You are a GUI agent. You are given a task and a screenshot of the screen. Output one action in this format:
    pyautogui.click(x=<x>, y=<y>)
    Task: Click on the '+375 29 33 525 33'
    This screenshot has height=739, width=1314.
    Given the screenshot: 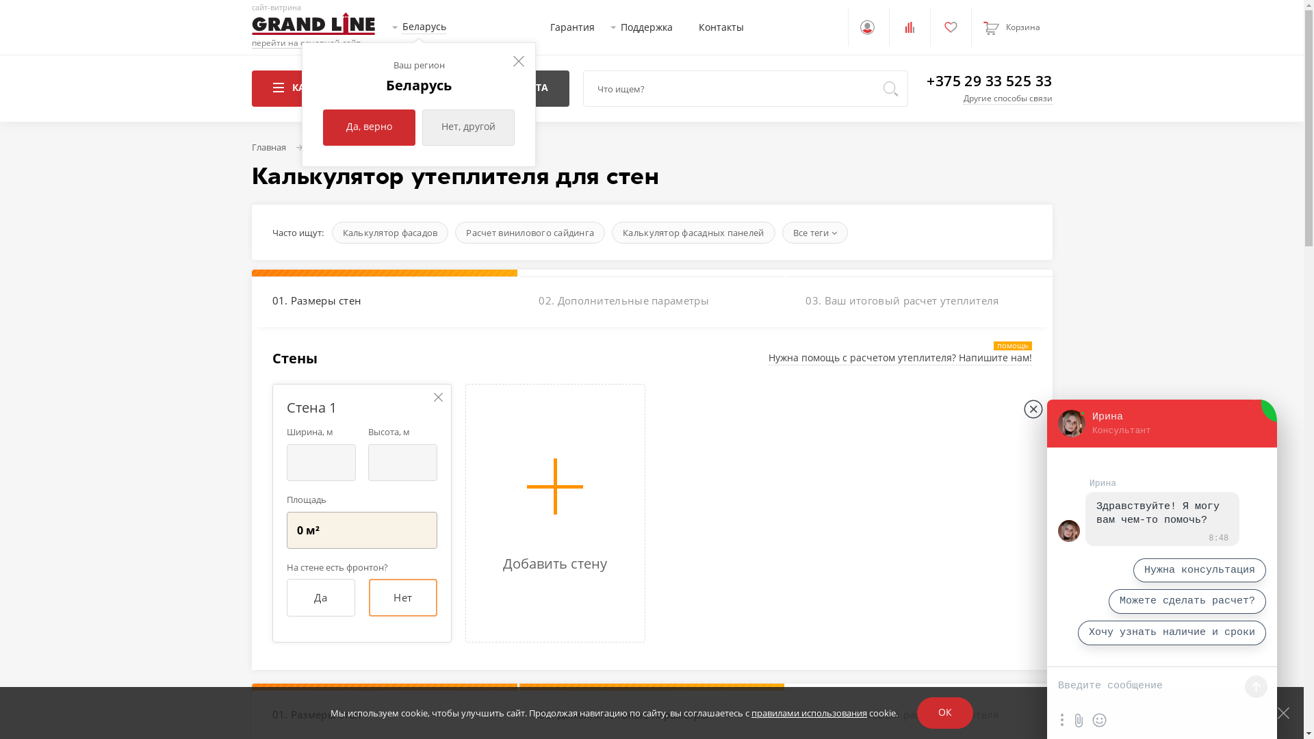 What is the action you would take?
    pyautogui.click(x=989, y=81)
    